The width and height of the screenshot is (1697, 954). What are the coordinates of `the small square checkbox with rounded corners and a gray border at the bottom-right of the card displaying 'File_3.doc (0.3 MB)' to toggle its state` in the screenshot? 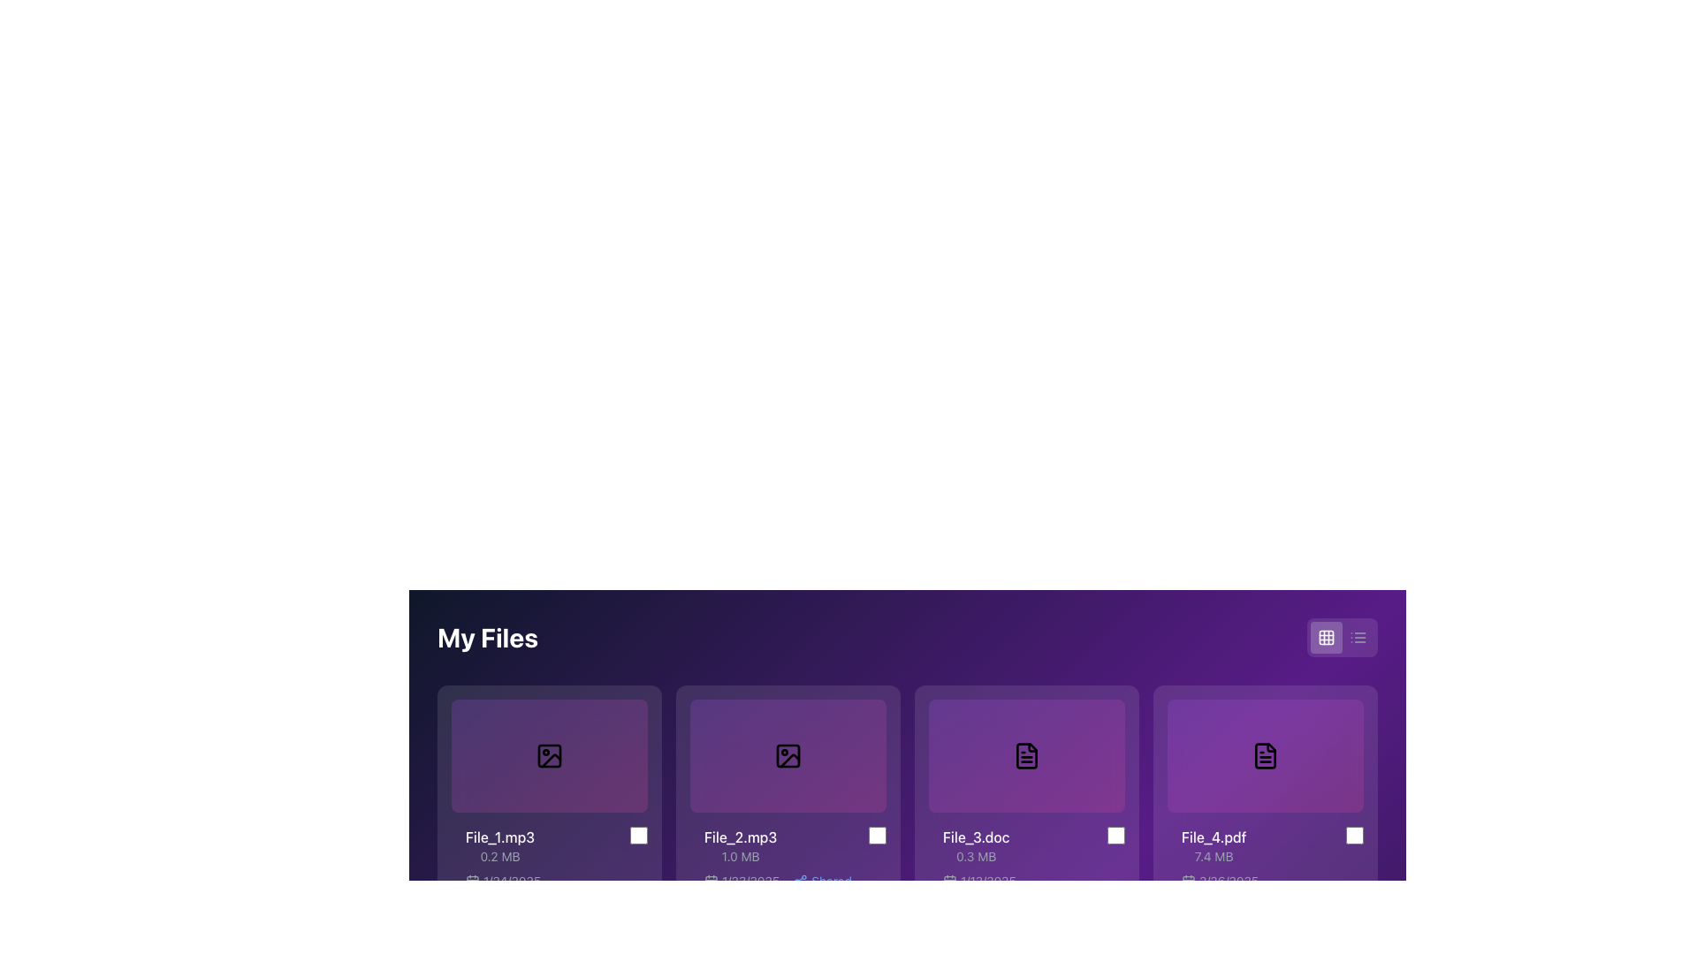 It's located at (1115, 835).